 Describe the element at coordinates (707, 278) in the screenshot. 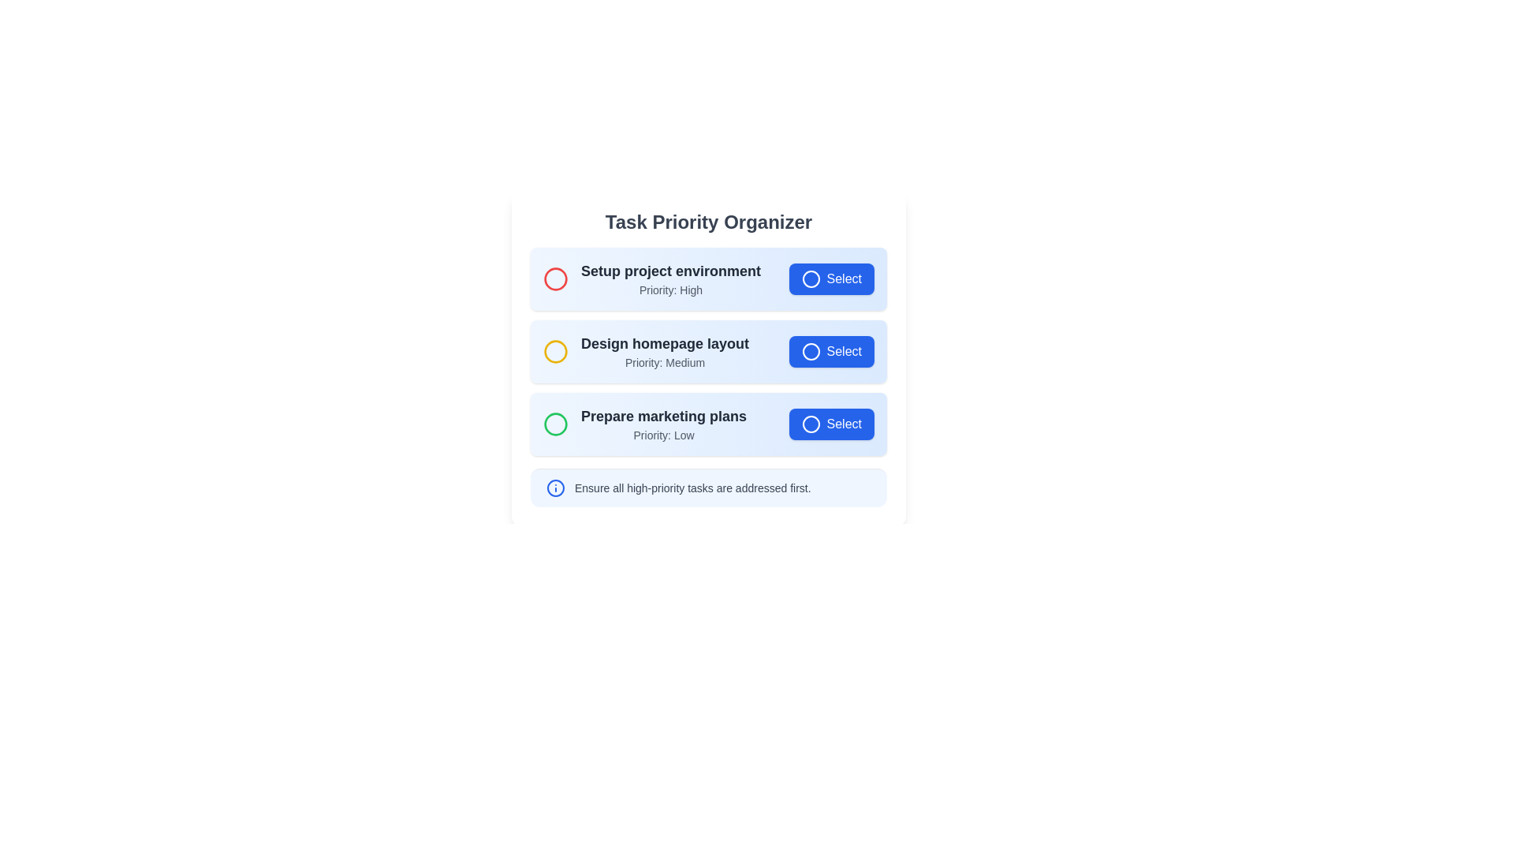

I see `the 'Setup project environment' task card` at that location.